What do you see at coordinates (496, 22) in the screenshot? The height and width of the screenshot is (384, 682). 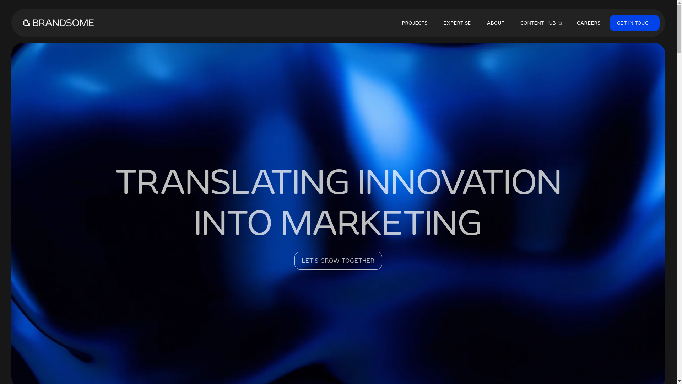 I see `'ABOUT'` at bounding box center [496, 22].